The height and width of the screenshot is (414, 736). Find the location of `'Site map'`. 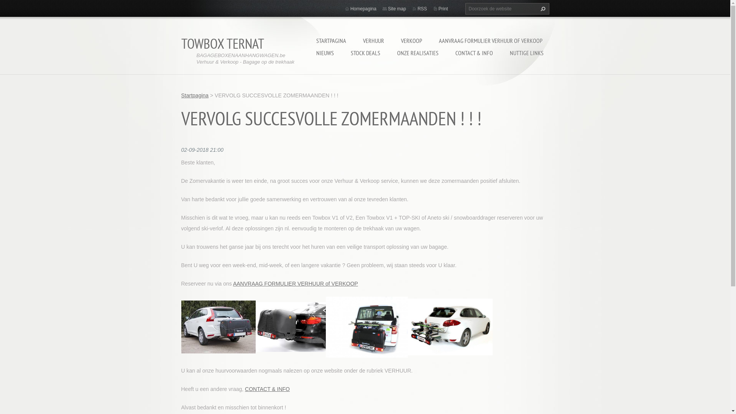

'Site map' is located at coordinates (397, 9).